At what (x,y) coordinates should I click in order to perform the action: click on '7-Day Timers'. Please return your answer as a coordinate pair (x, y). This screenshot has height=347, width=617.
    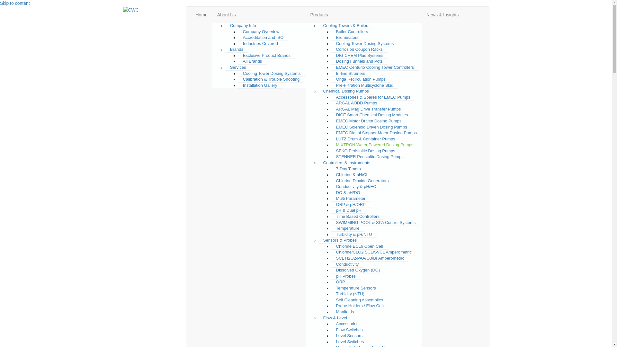
    Looking at the image, I should click on (348, 168).